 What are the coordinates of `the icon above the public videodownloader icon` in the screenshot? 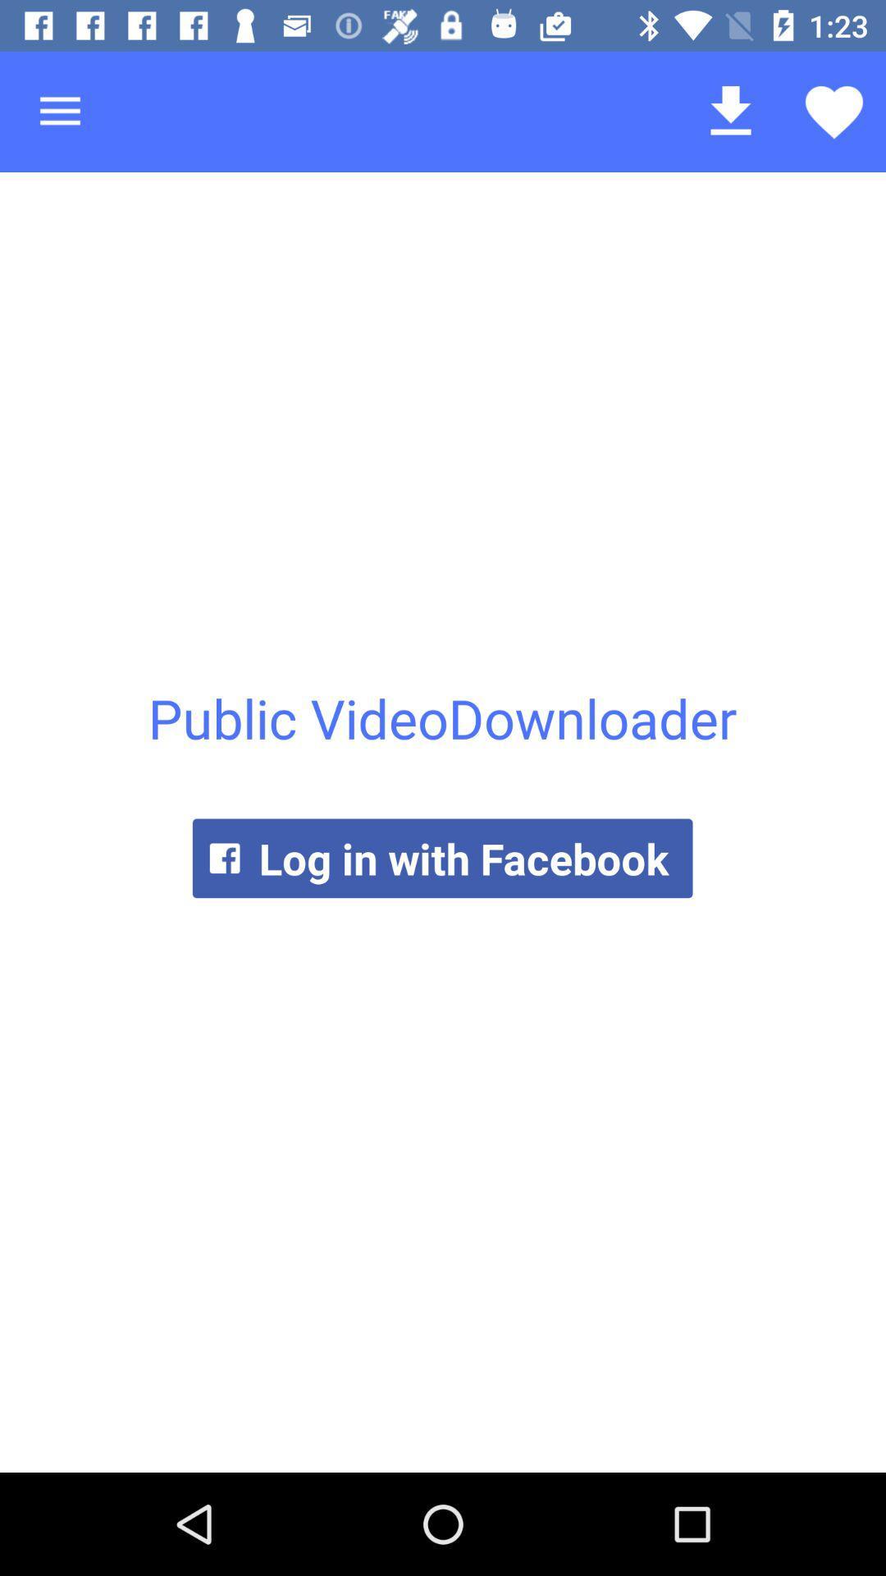 It's located at (730, 111).